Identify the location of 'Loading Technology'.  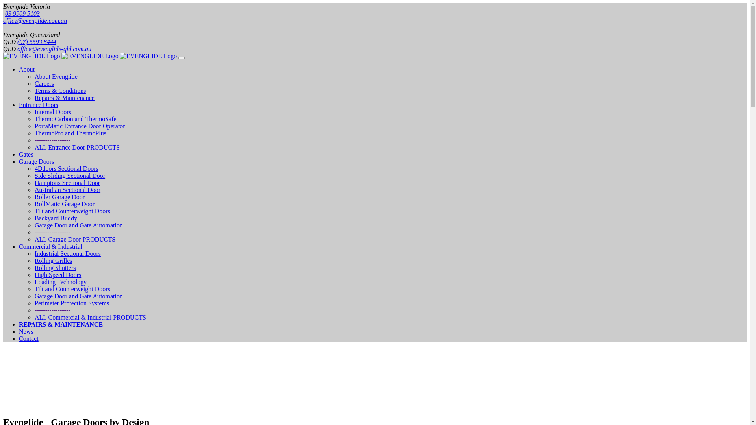
(60, 281).